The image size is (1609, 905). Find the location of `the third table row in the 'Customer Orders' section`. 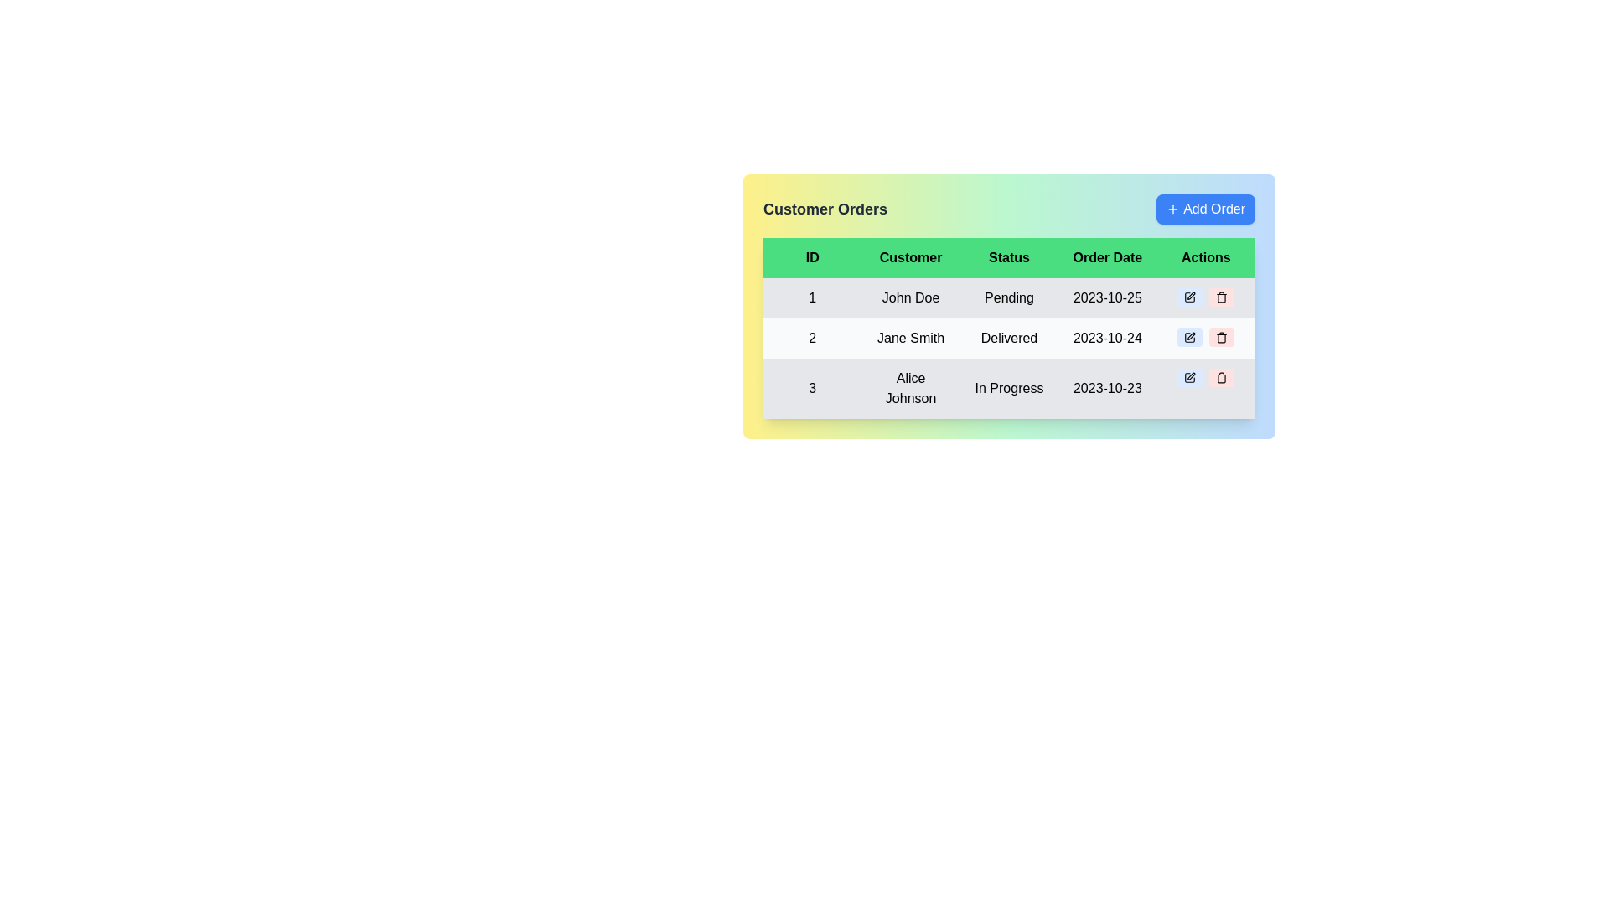

the third table row in the 'Customer Orders' section is located at coordinates (1008, 388).